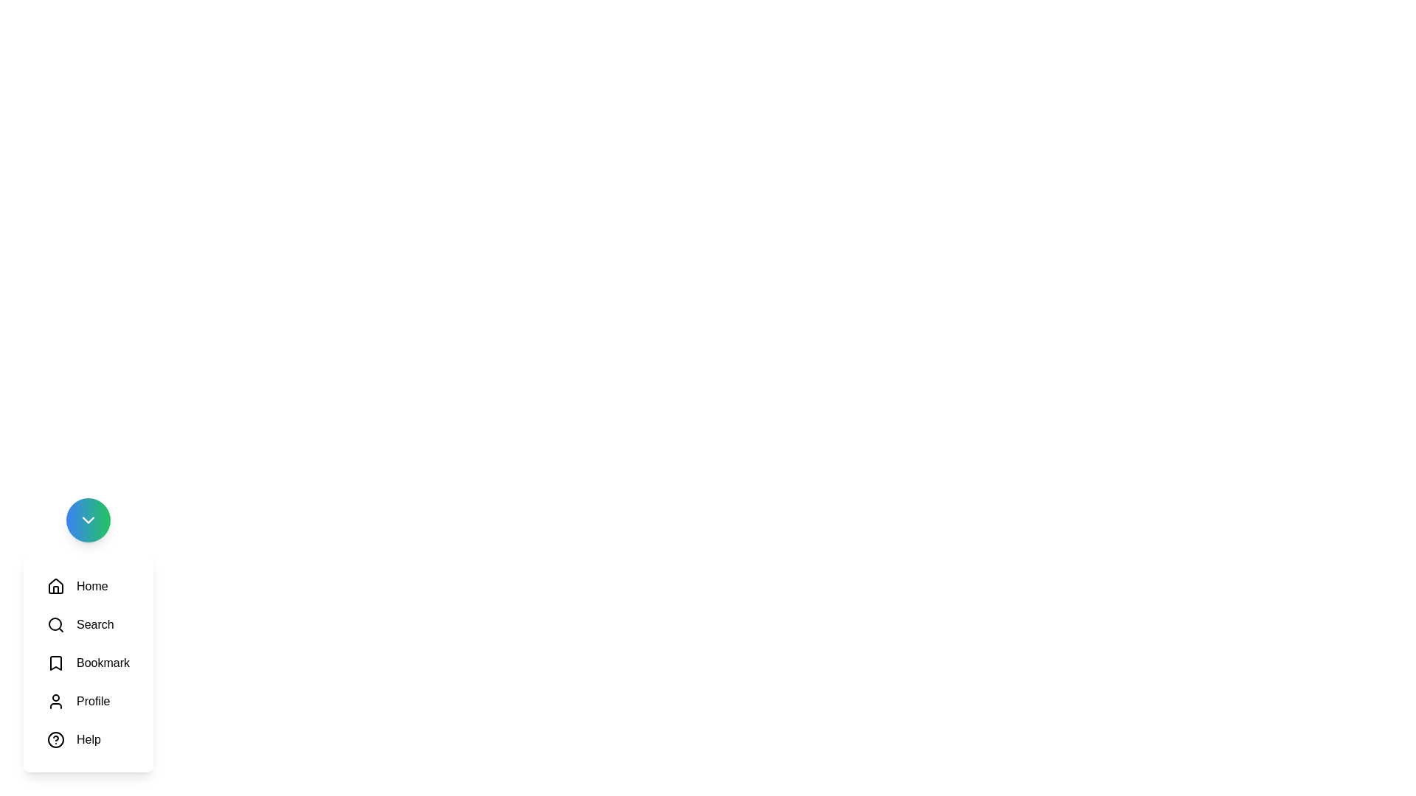 The width and height of the screenshot is (1416, 796). I want to click on the Profile option in the menu, so click(77, 701).